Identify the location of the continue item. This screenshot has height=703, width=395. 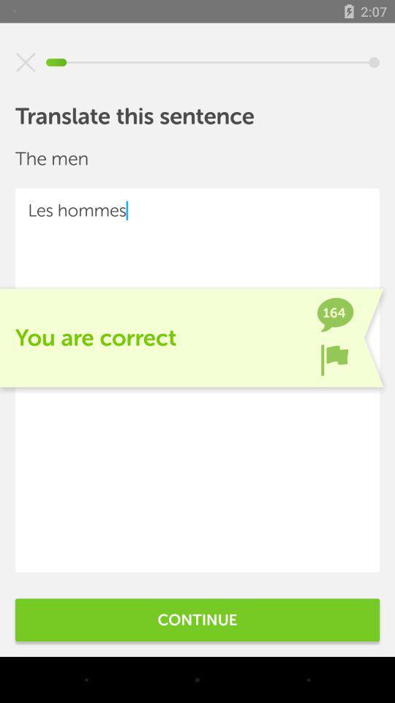
(197, 619).